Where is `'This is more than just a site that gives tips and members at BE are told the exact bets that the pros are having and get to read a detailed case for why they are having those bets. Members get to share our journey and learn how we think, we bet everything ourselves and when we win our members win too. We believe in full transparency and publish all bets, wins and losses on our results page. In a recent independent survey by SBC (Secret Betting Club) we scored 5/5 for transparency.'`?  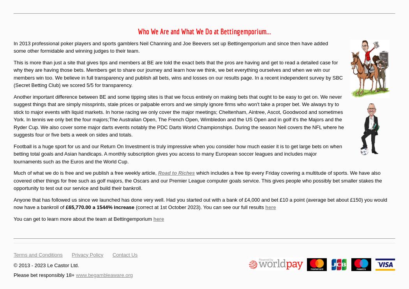 'This is more than just a site that gives tips and members at BE are told the exact bets that the pros are having and get to read a detailed case for why they are having those bets. Members get to share our journey and learn how we think, we bet everything ourselves and when we win our members win too. We believe in full transparency and publish all bets, wins and losses on our results page. In a recent independent survey by SBC (Secret Betting Club) we scored 5/5 for transparency.' is located at coordinates (178, 73).